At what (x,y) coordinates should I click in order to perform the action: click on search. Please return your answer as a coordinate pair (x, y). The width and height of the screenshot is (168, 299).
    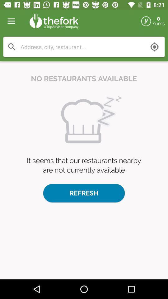
    Looking at the image, I should click on (12, 46).